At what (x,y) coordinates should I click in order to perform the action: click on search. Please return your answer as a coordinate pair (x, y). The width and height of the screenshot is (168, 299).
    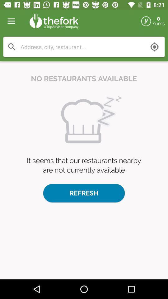
    Looking at the image, I should click on (12, 46).